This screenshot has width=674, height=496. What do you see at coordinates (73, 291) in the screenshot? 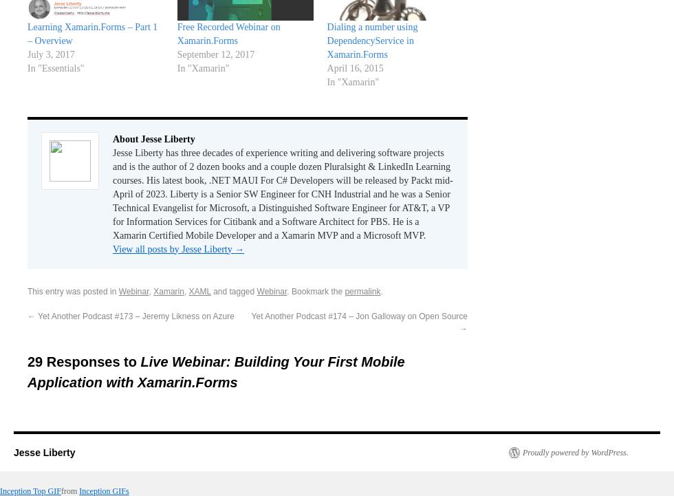
I see `'This entry was posted in'` at bounding box center [73, 291].